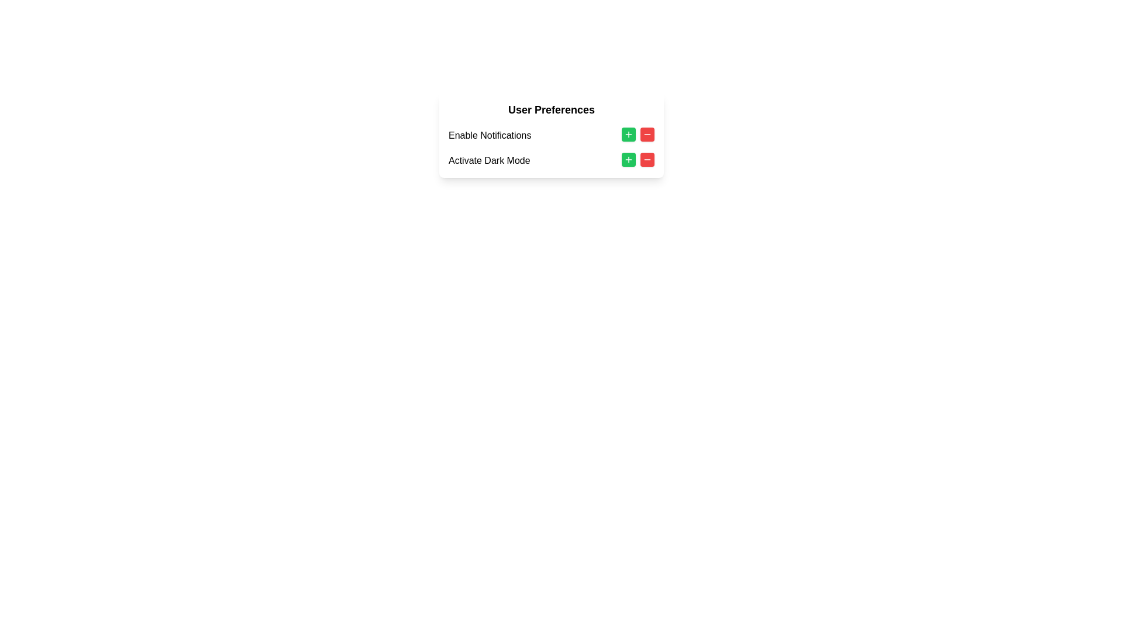  Describe the element at coordinates (489, 160) in the screenshot. I see `the 'Activate Dark Mode' text label, which is styled in black text on a white background and located in the 'User Preferences' section as the leftmost component of the second row` at that location.